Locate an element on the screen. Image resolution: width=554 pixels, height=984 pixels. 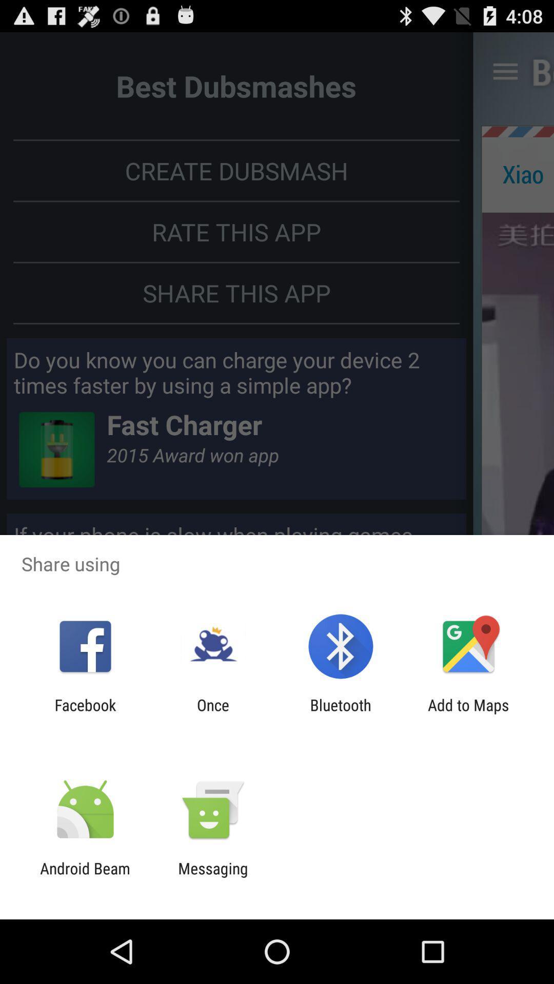
the app next to the facebook app is located at coordinates (212, 713).